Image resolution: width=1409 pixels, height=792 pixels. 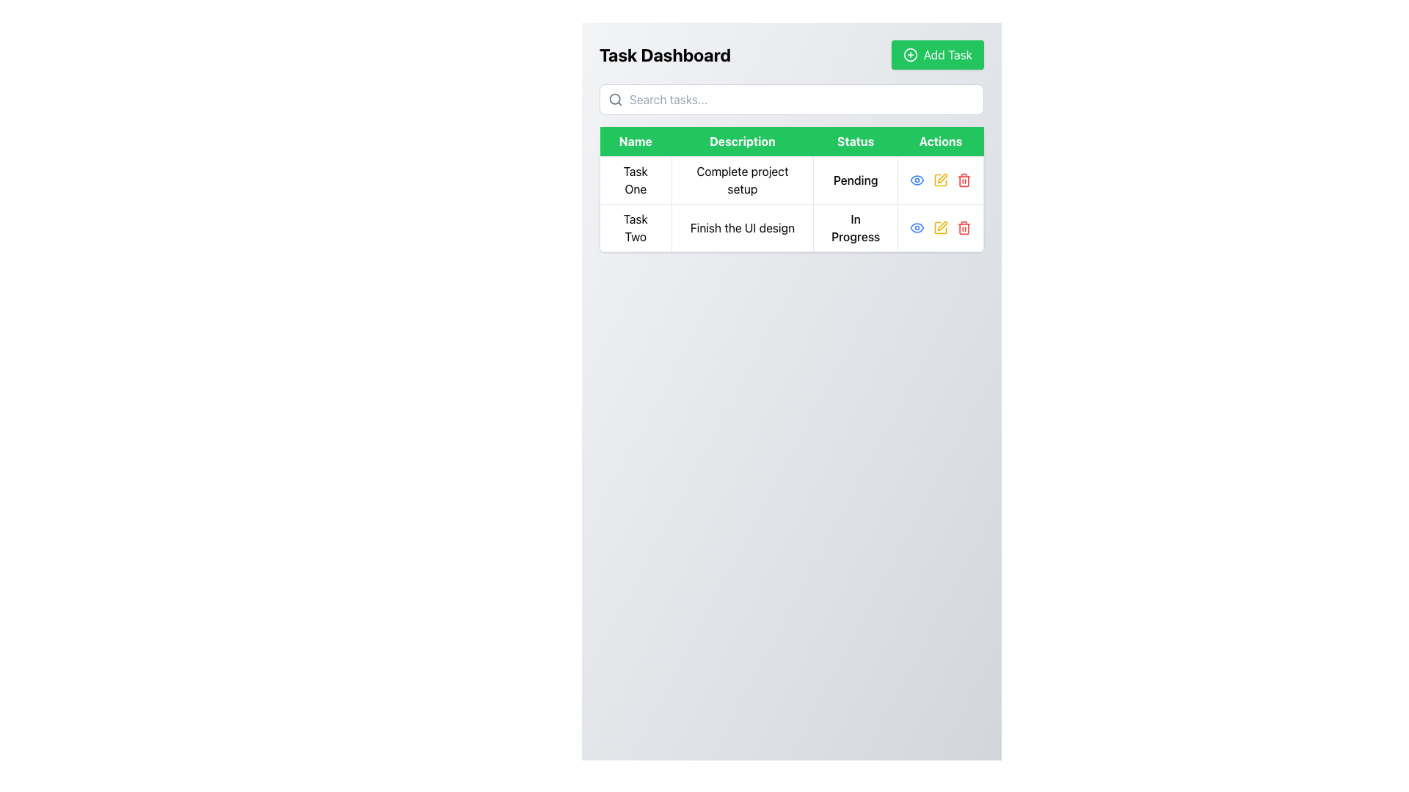 I want to click on the first row of the task management table for interactions, so click(x=791, y=180).